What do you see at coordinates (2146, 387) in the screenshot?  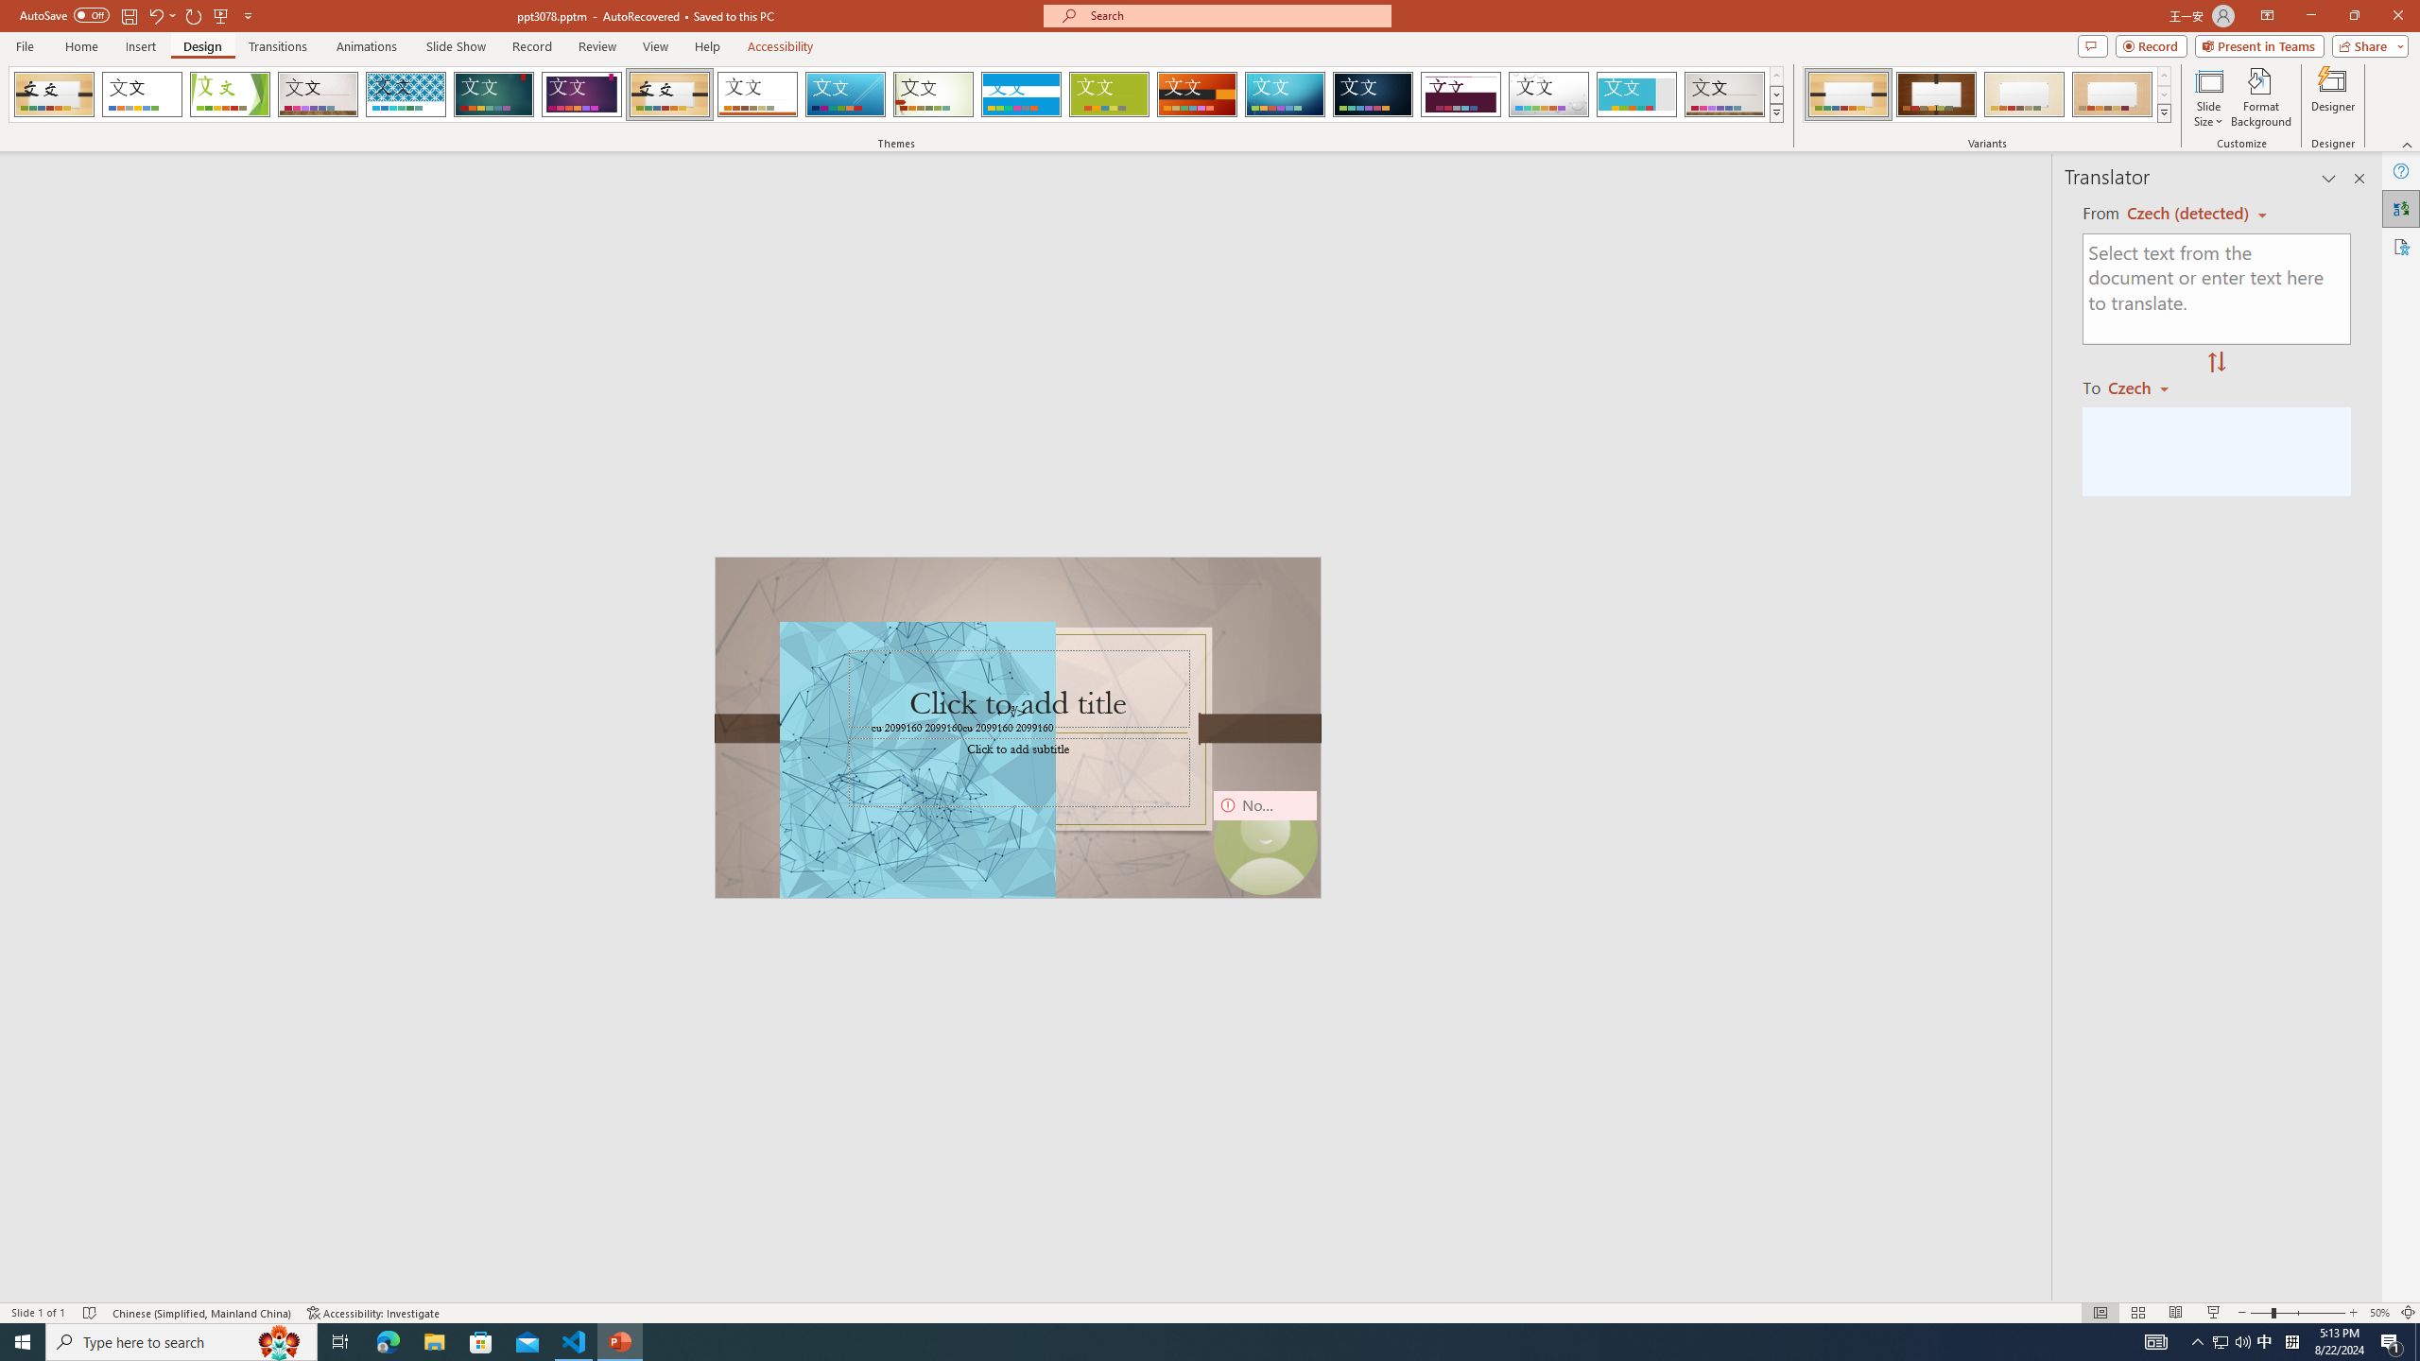 I see `'Czech'` at bounding box center [2146, 387].